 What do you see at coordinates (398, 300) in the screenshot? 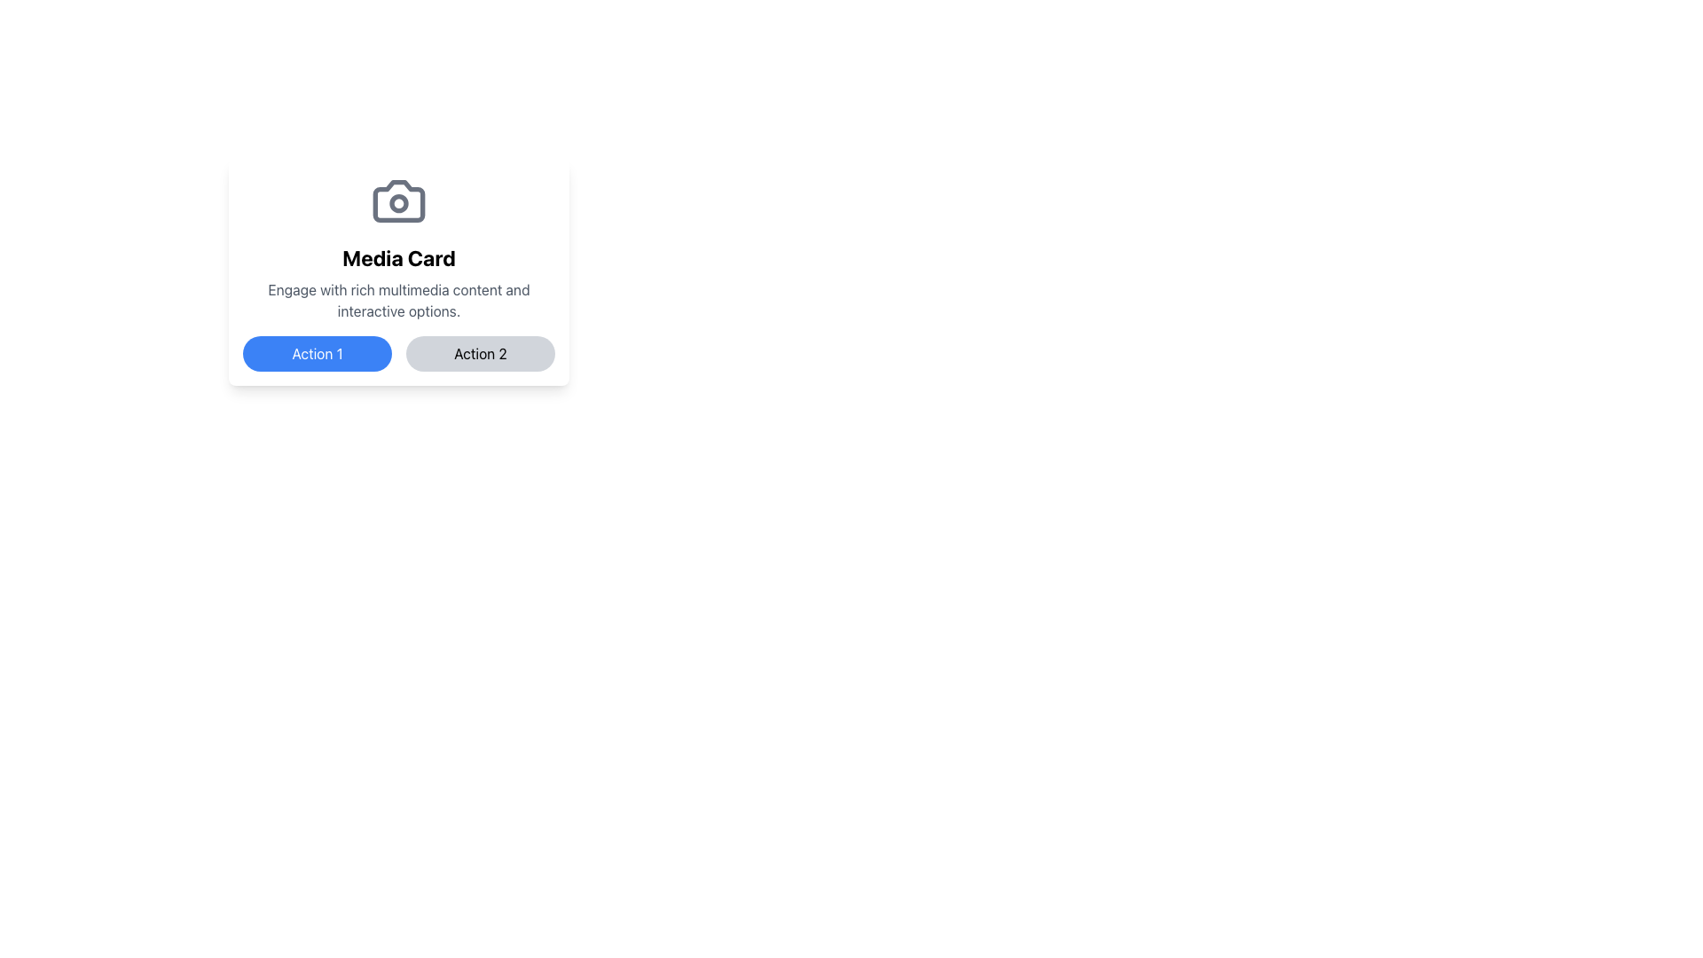
I see `text block that contains the sentence 'Engage with rich multimedia content and interactive options.', which is styled in gray and centered below the 'Media Card' header` at bounding box center [398, 300].